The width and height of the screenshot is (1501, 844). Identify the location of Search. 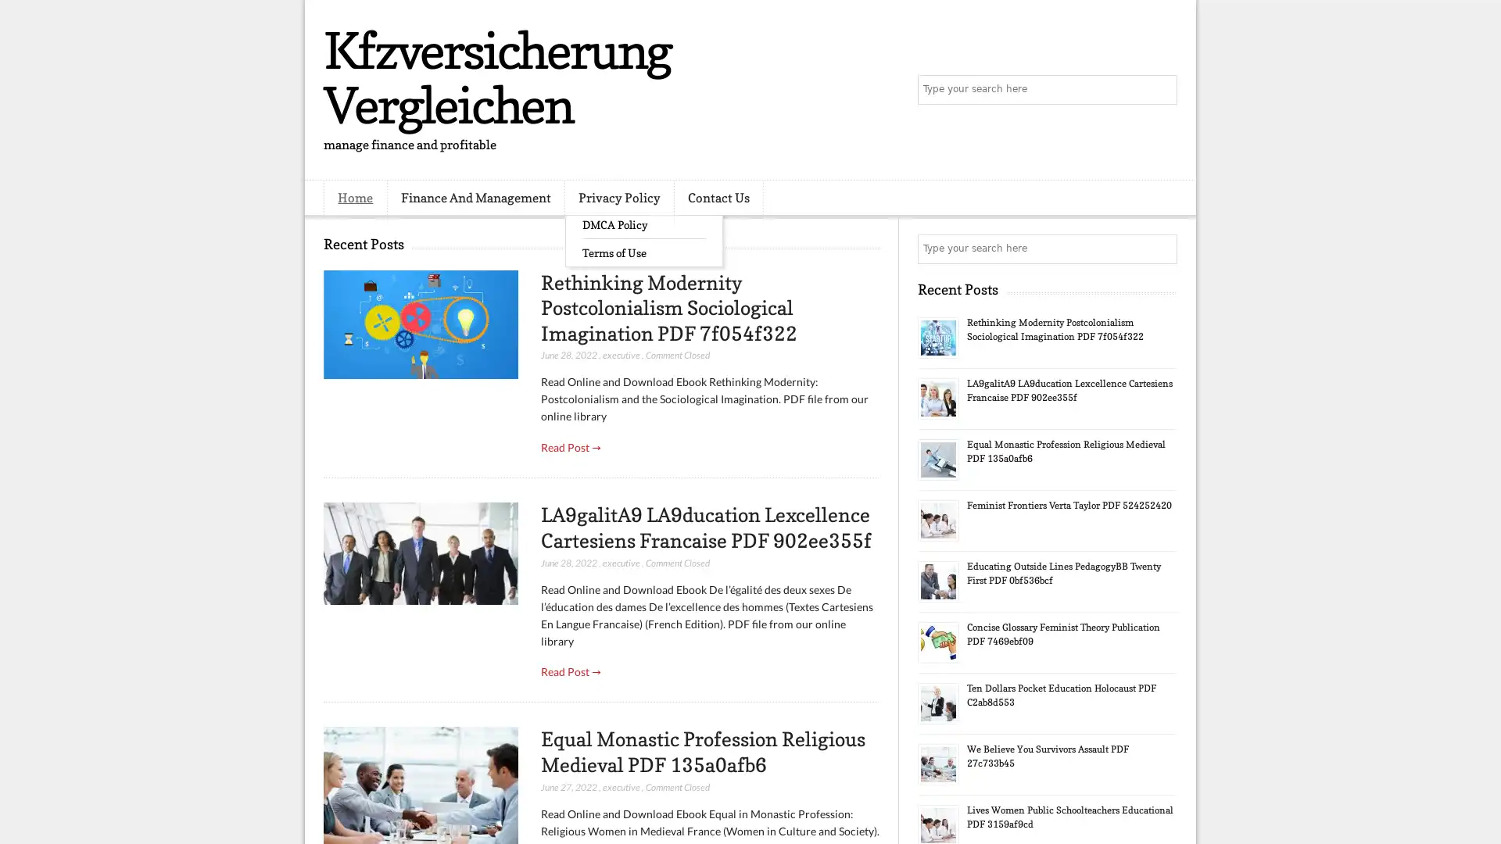
(1161, 249).